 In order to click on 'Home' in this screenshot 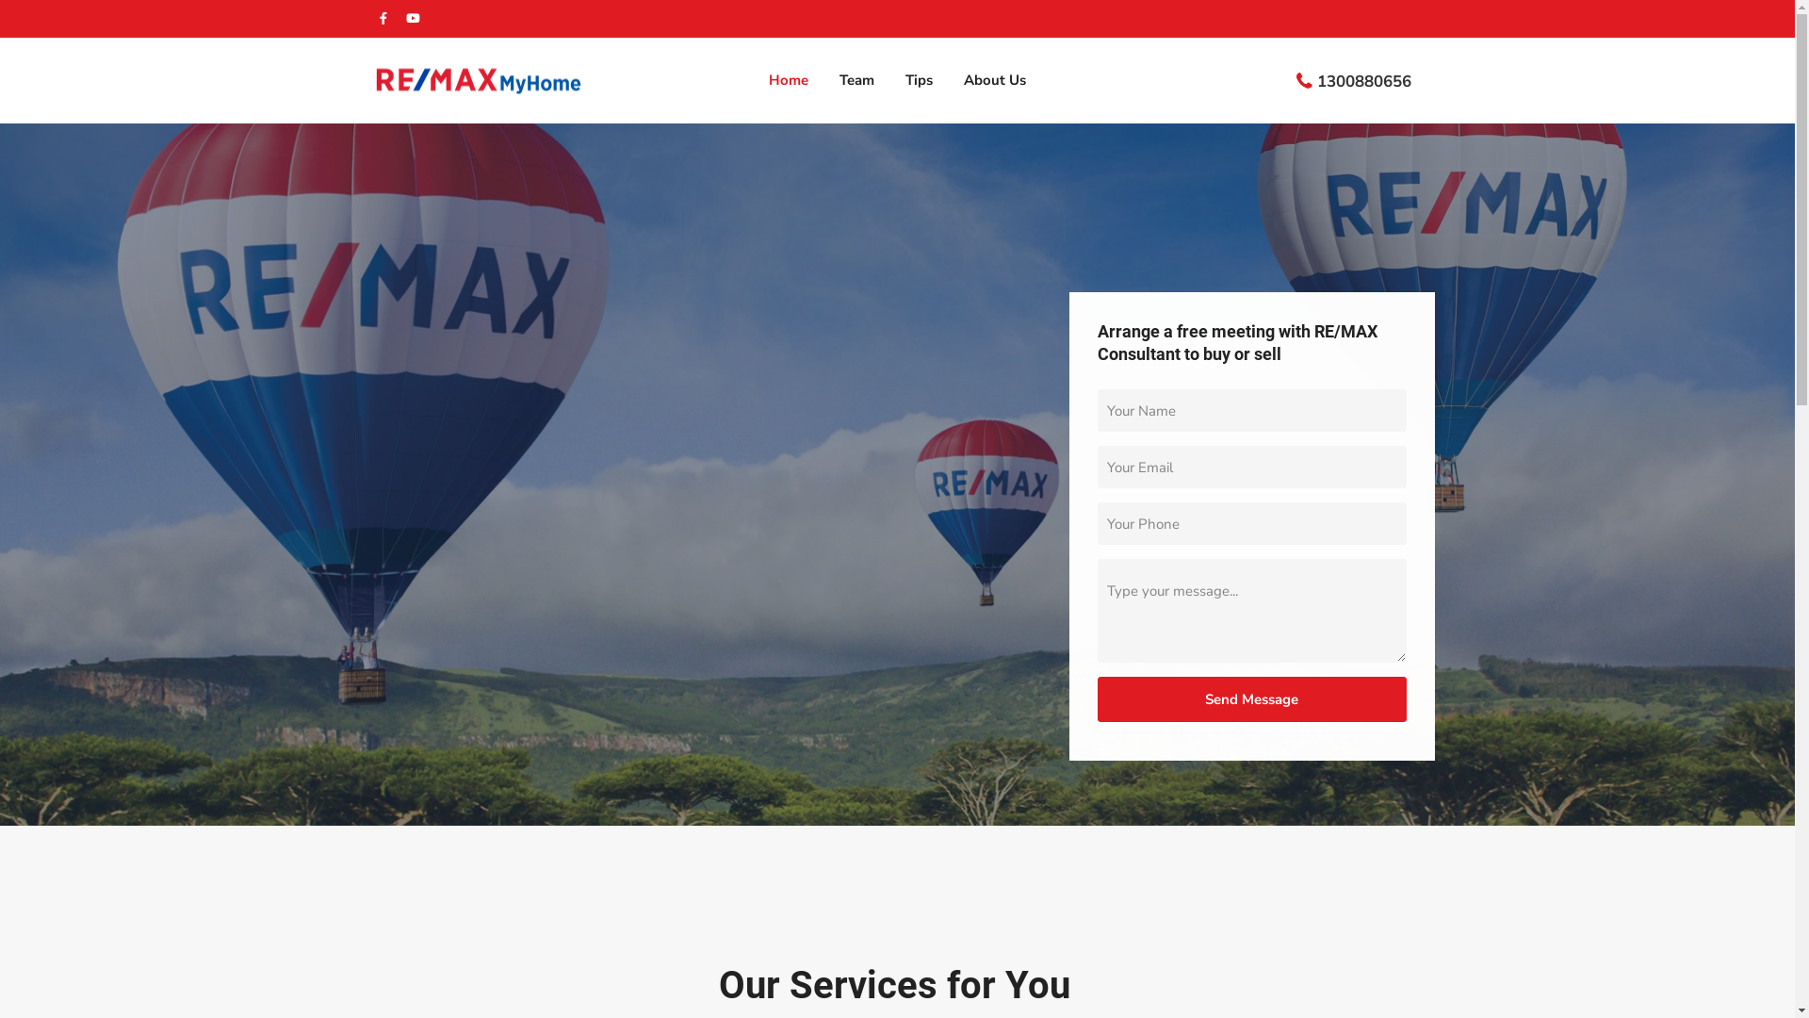, I will do `click(788, 78)`.